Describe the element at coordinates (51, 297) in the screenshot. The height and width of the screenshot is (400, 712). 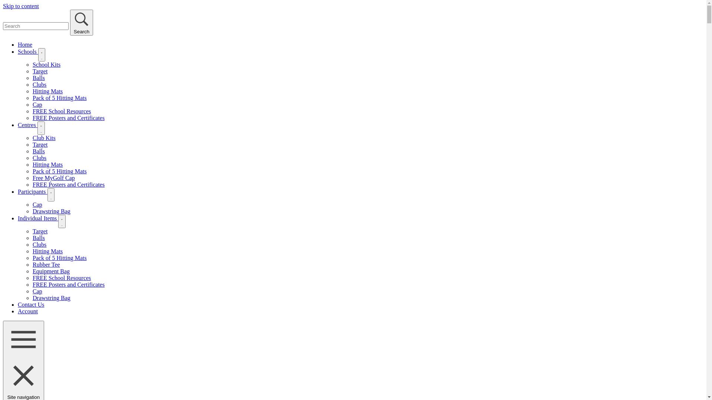
I see `'Drawstring Bag'` at that location.